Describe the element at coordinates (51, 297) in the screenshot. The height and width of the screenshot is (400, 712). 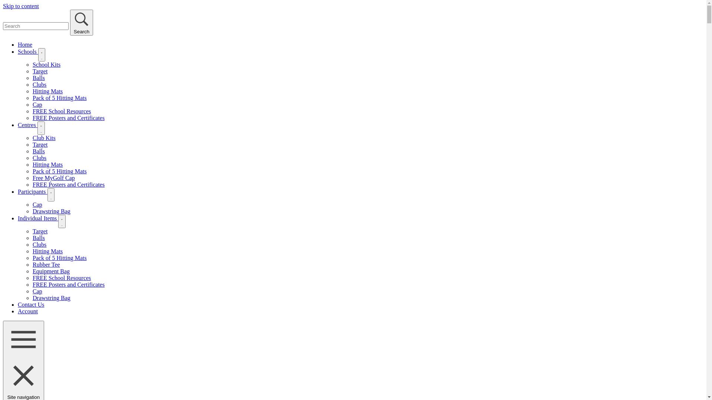
I see `'Drawstring Bag'` at that location.